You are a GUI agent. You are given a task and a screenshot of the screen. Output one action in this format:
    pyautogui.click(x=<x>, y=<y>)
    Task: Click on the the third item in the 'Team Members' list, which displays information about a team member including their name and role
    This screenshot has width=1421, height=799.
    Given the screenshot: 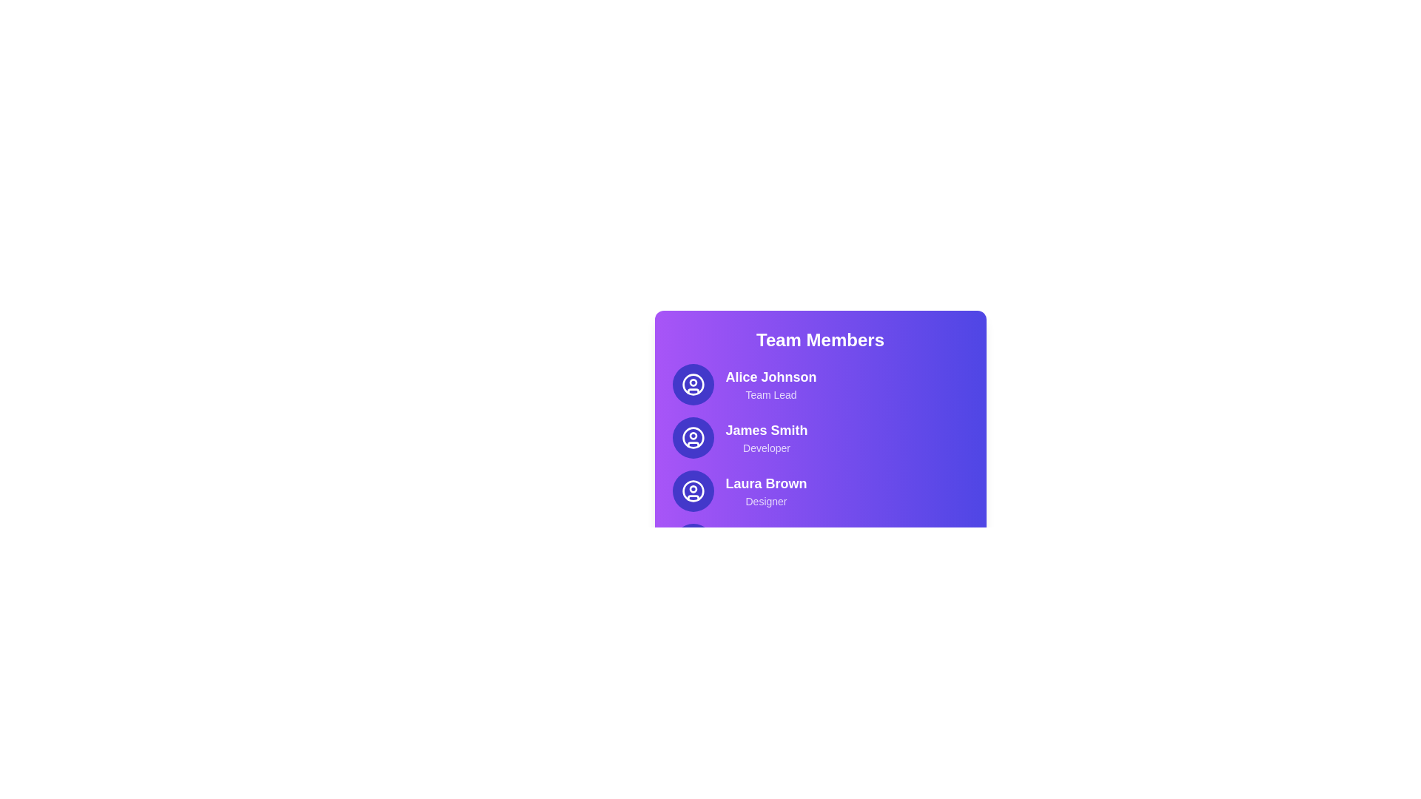 What is the action you would take?
    pyautogui.click(x=819, y=490)
    